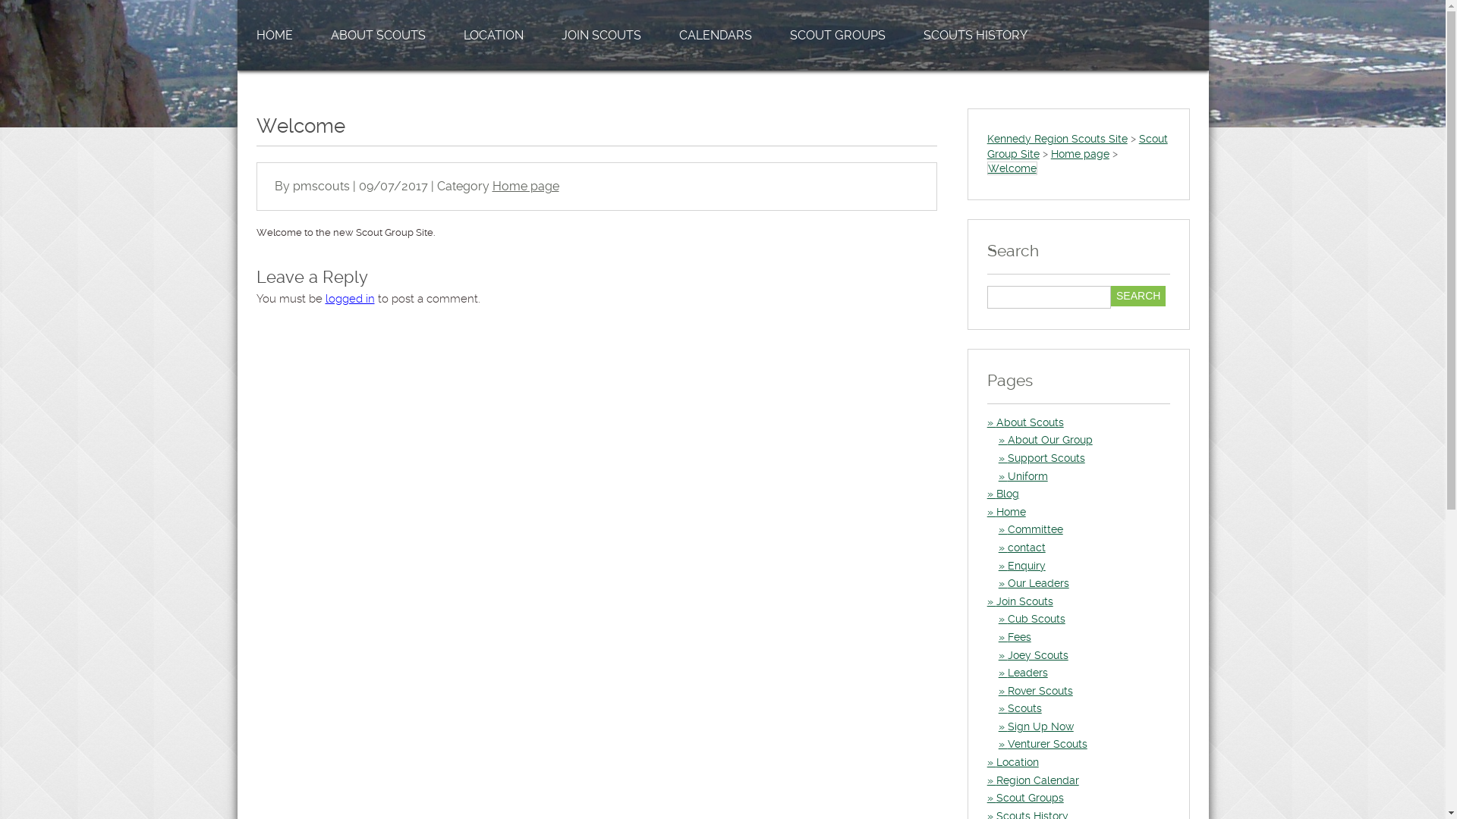  What do you see at coordinates (1032, 780) in the screenshot?
I see `'Region Calendar'` at bounding box center [1032, 780].